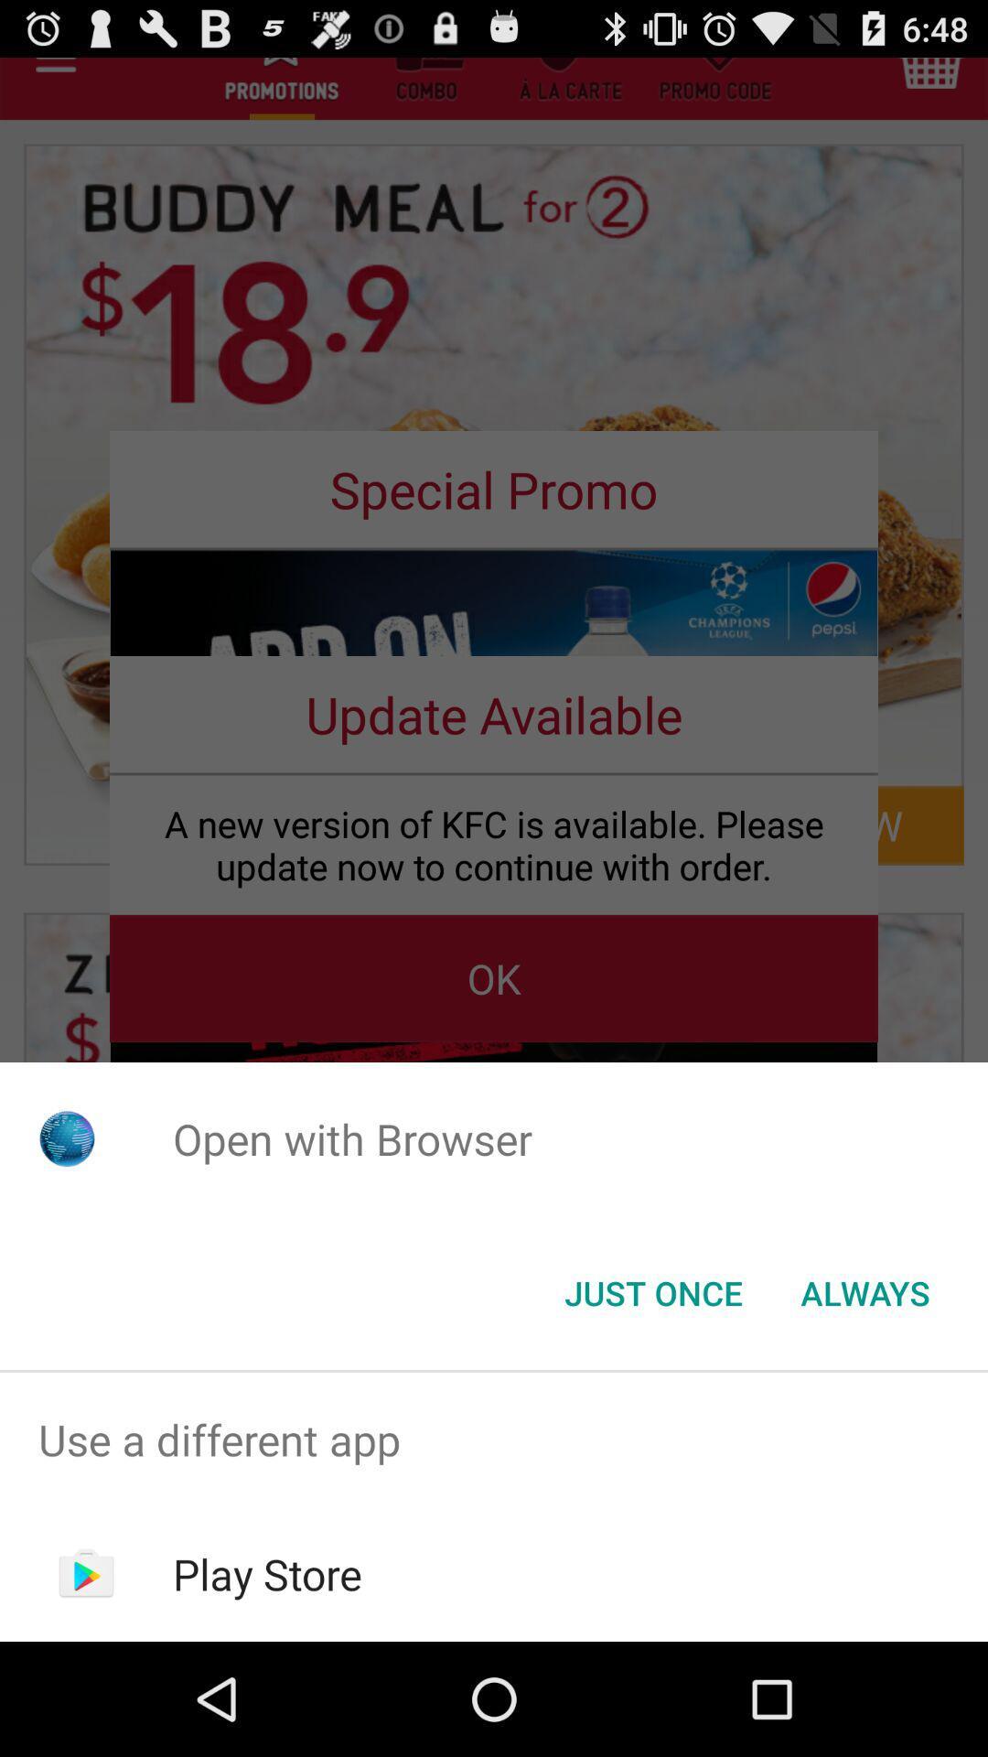 The width and height of the screenshot is (988, 1757). What do you see at coordinates (652, 1291) in the screenshot?
I see `just once item` at bounding box center [652, 1291].